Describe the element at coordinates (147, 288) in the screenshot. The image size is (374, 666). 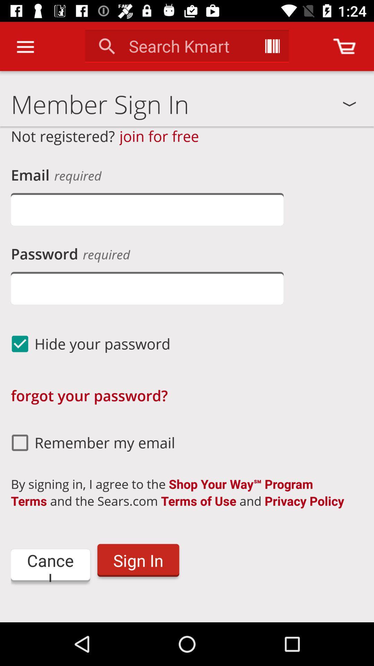
I see `password` at that location.